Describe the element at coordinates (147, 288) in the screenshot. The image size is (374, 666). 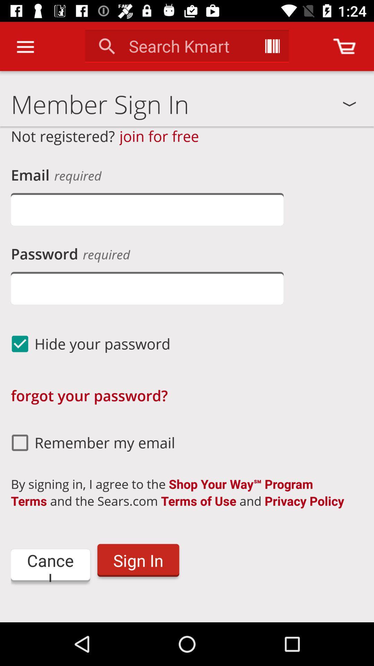
I see `password` at that location.